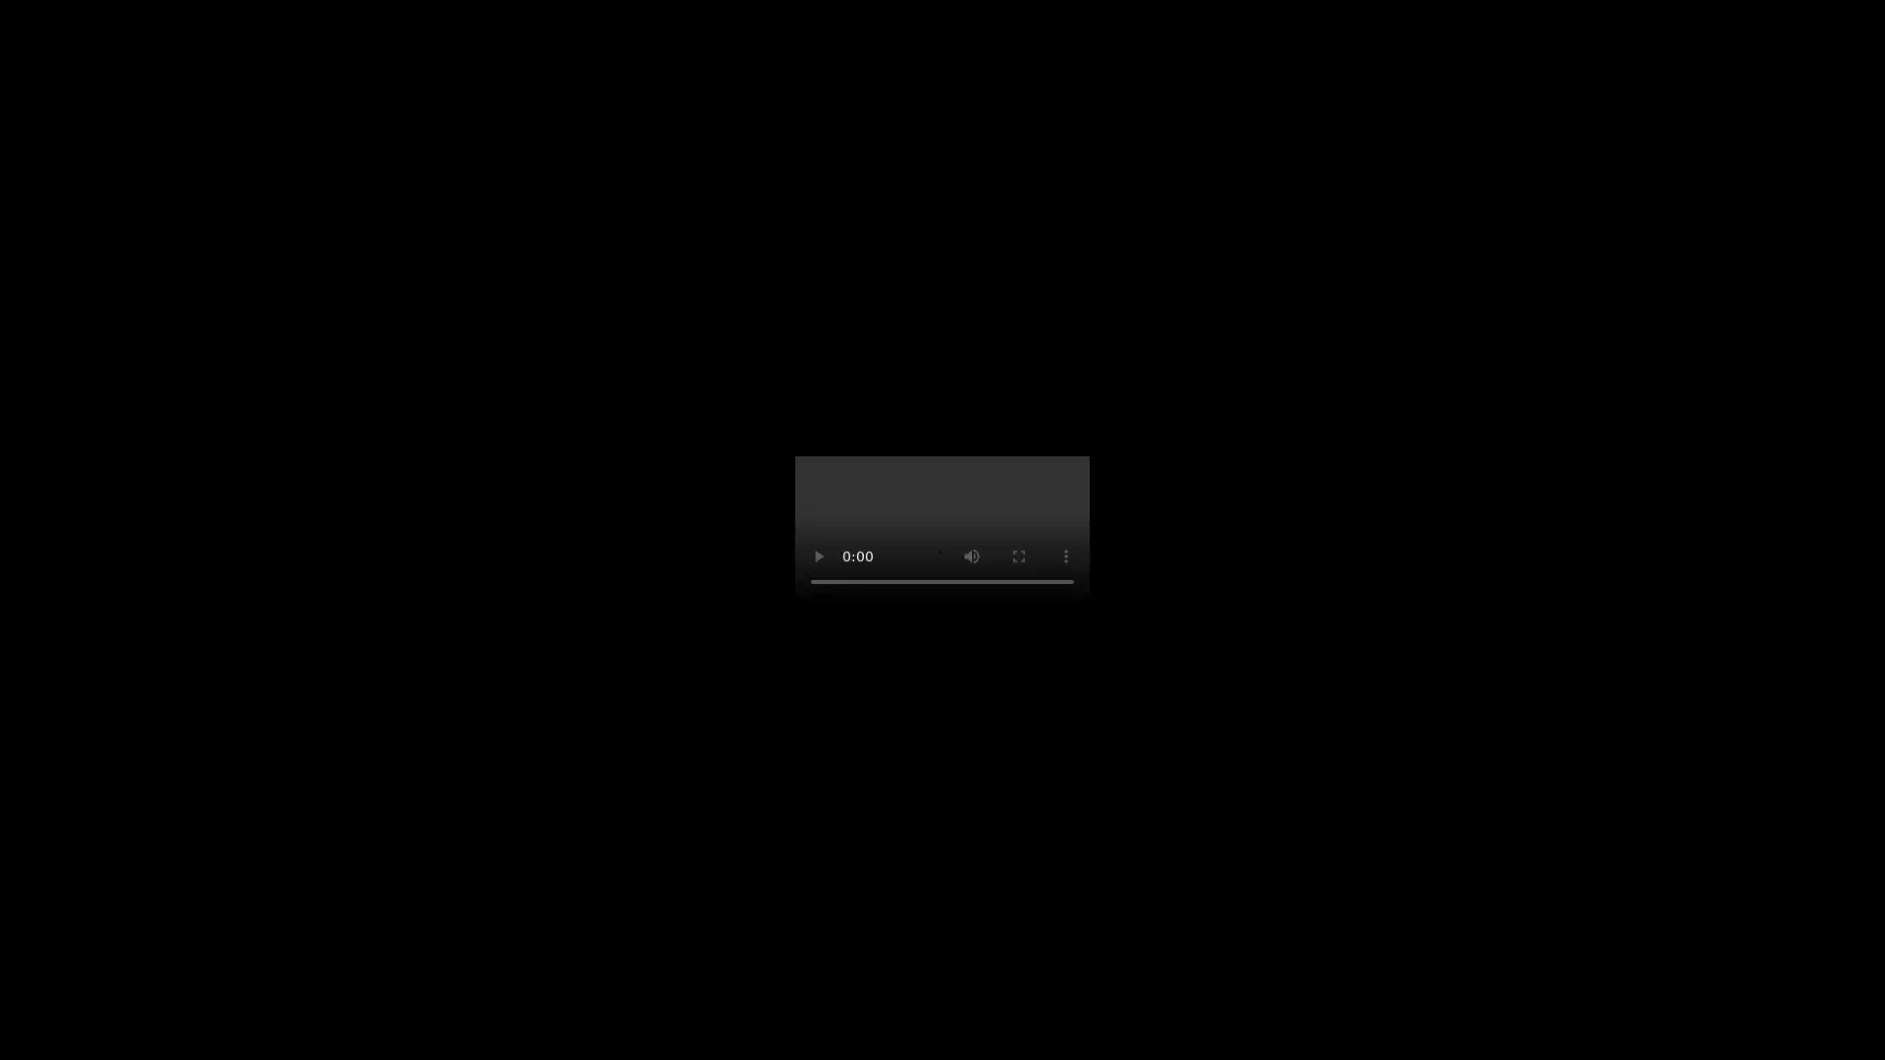 Image resolution: width=1885 pixels, height=1060 pixels. Describe the element at coordinates (819, 556) in the screenshot. I see `play` at that location.